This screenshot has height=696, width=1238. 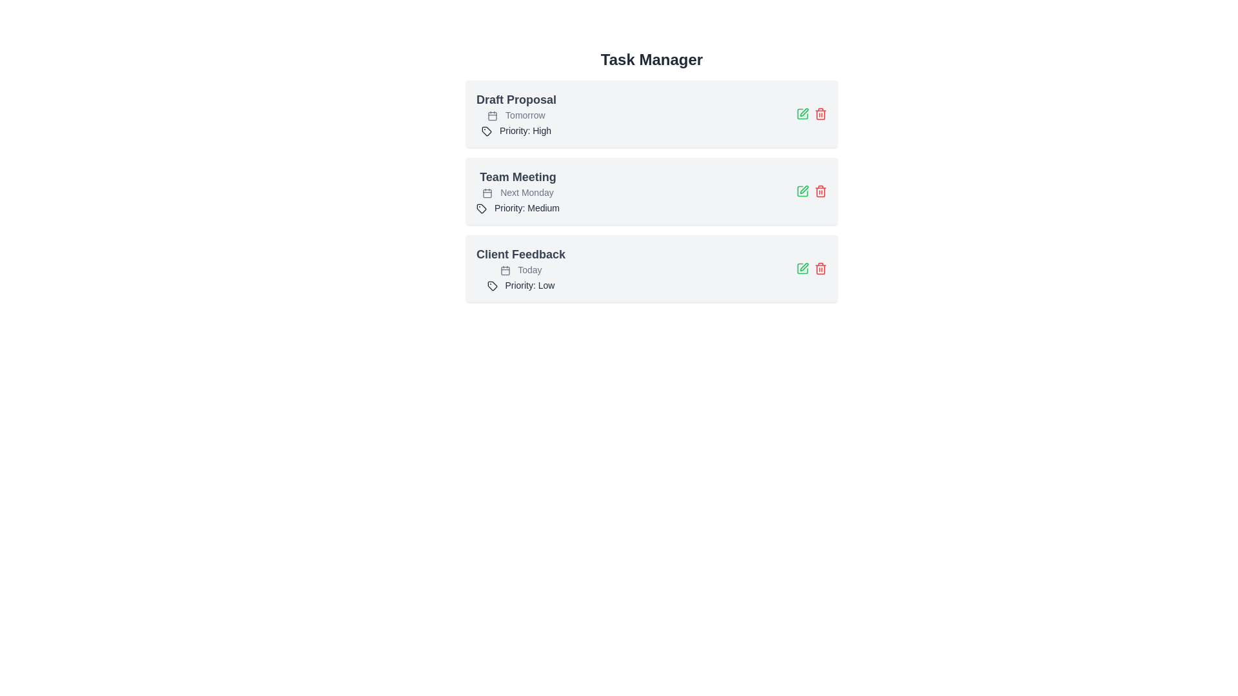 I want to click on the third task card, so click(x=520, y=267).